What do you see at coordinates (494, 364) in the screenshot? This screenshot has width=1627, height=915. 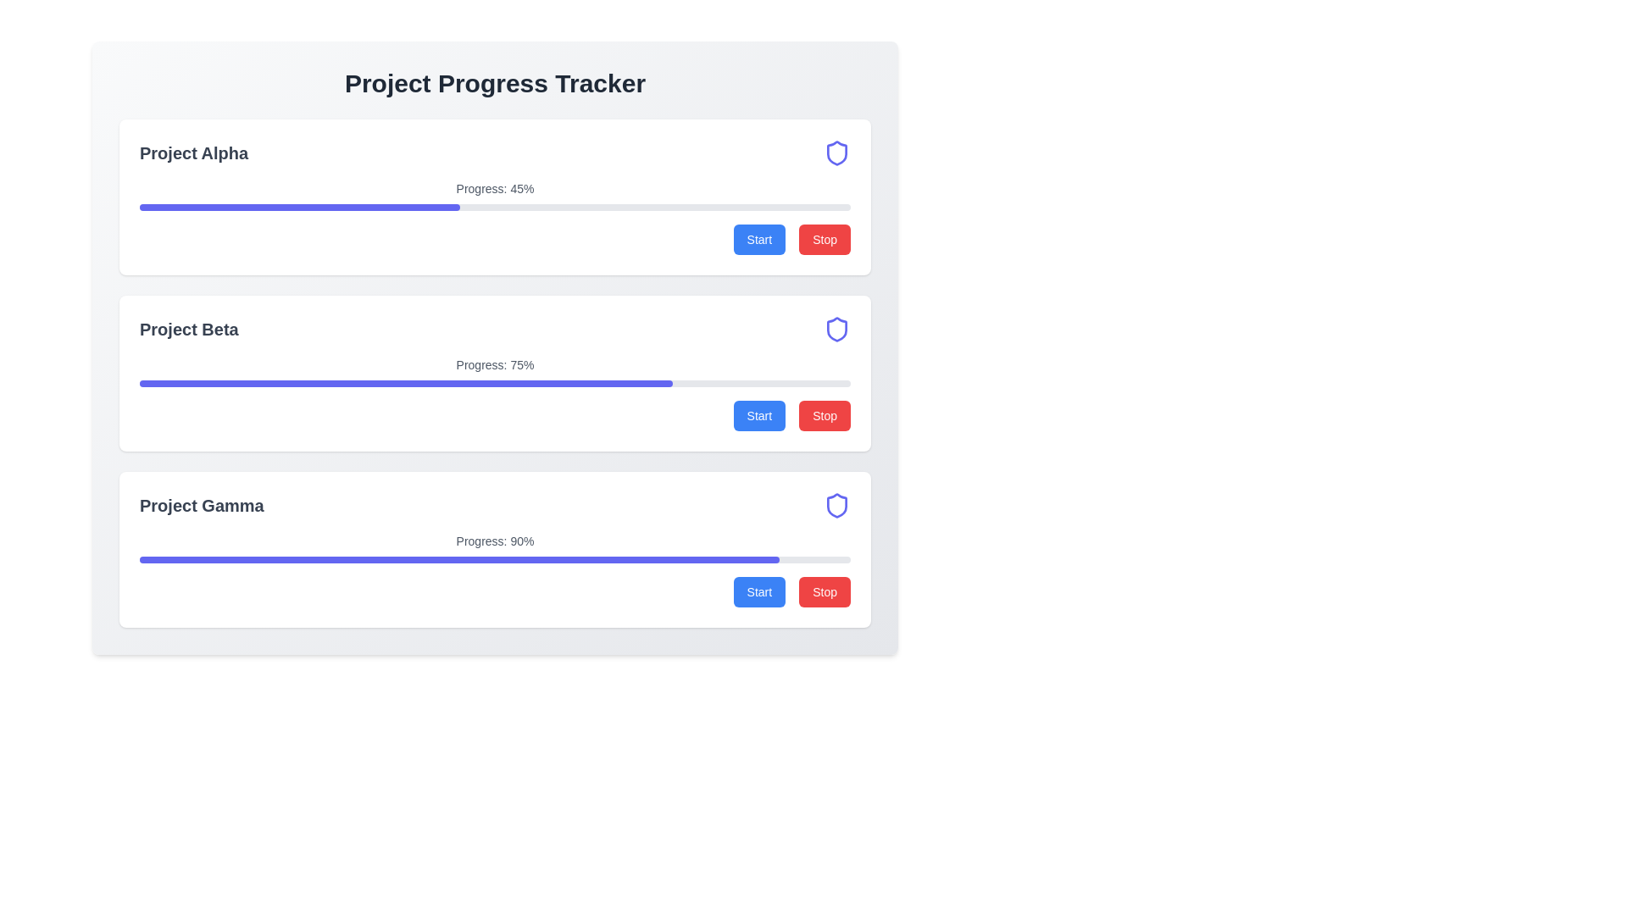 I see `the 'Progress: 75%' text label located within the 'Project Beta' card, positioned between the title and the progress bar` at bounding box center [494, 364].